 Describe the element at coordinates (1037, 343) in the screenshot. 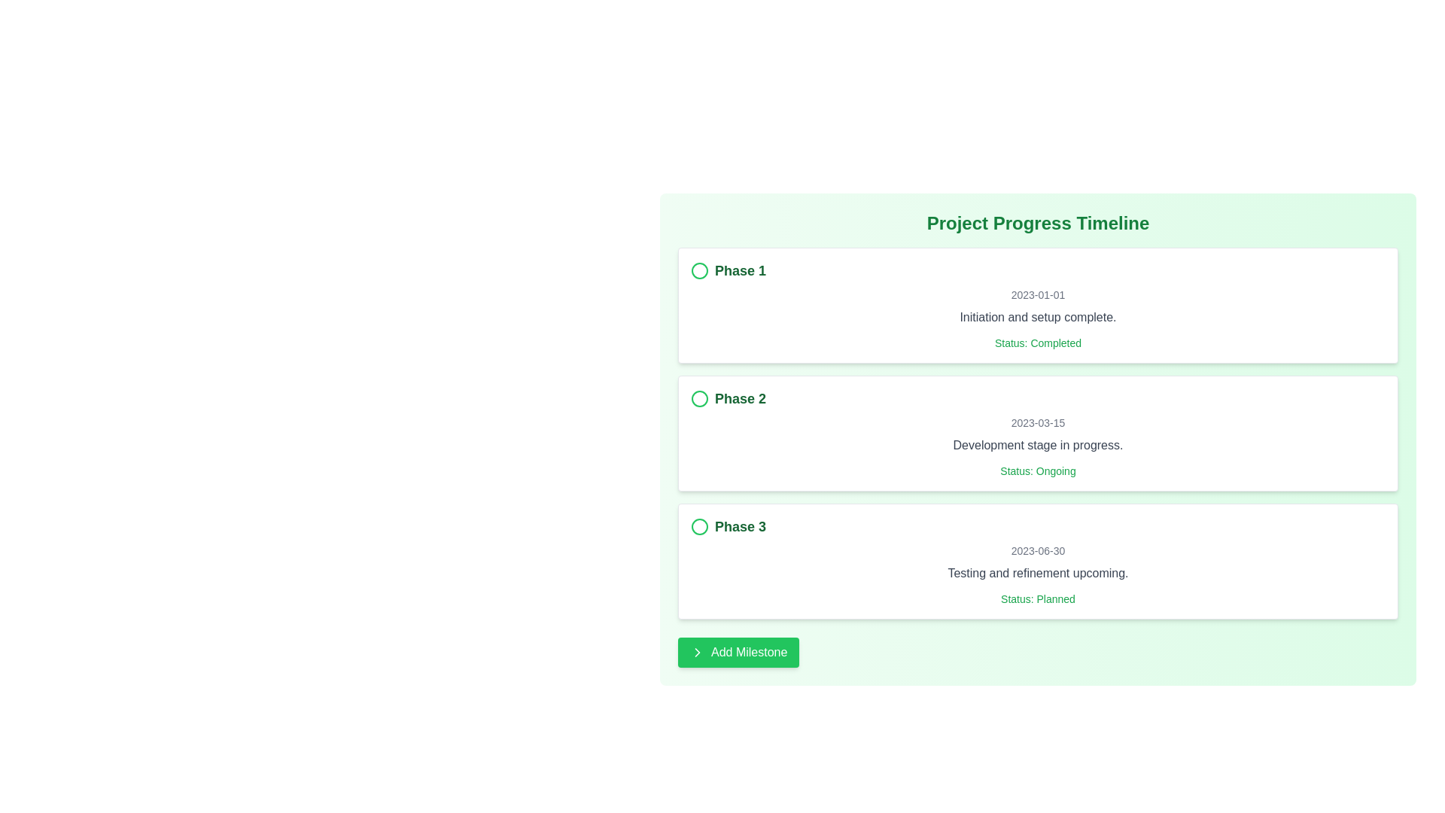

I see `the Text Label indicating 'Completed' status in the 'Phase 1' card to possibly reveal more information` at that location.